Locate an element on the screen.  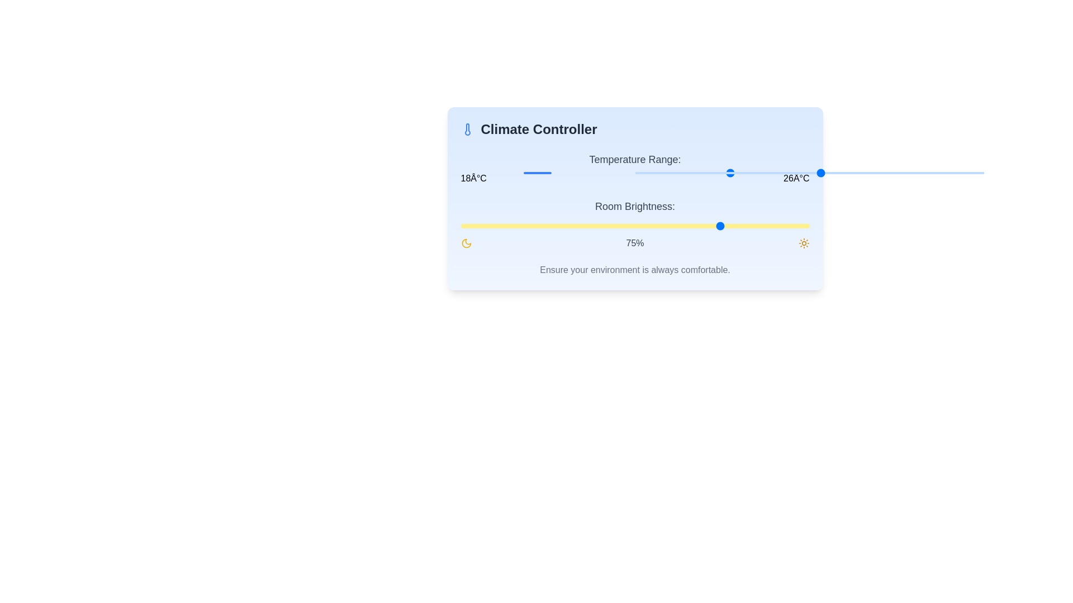
the room brightness is located at coordinates (537, 226).